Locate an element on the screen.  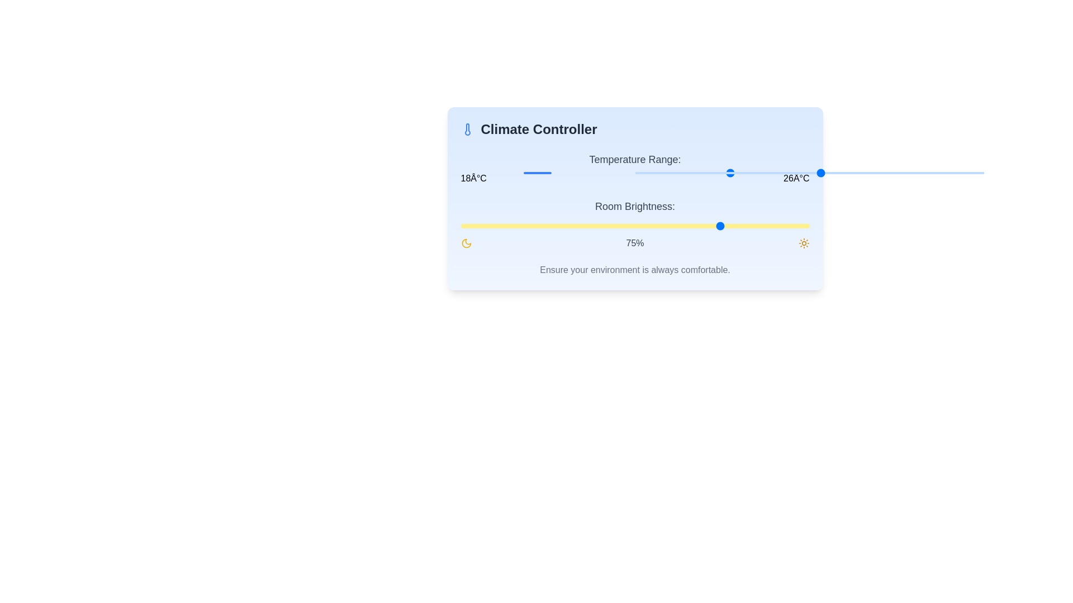
the room brightness is located at coordinates (537, 226).